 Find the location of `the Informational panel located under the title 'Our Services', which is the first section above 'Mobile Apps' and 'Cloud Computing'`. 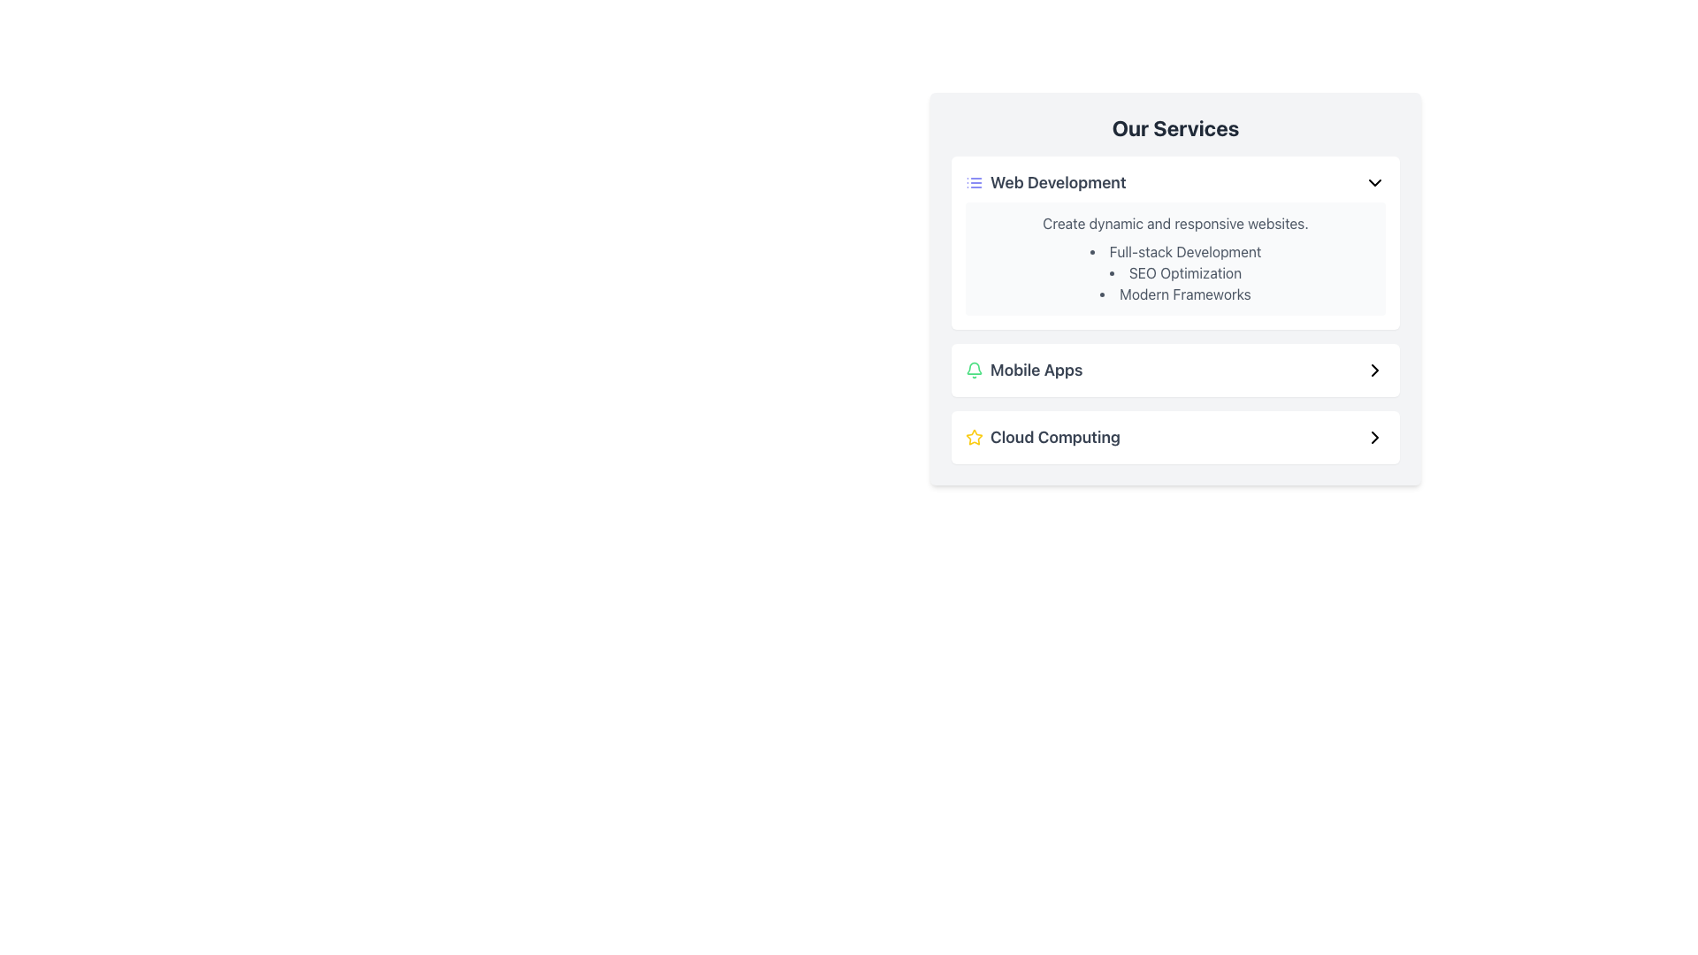

the Informational panel located under the title 'Our Services', which is the first section above 'Mobile Apps' and 'Cloud Computing' is located at coordinates (1175, 309).